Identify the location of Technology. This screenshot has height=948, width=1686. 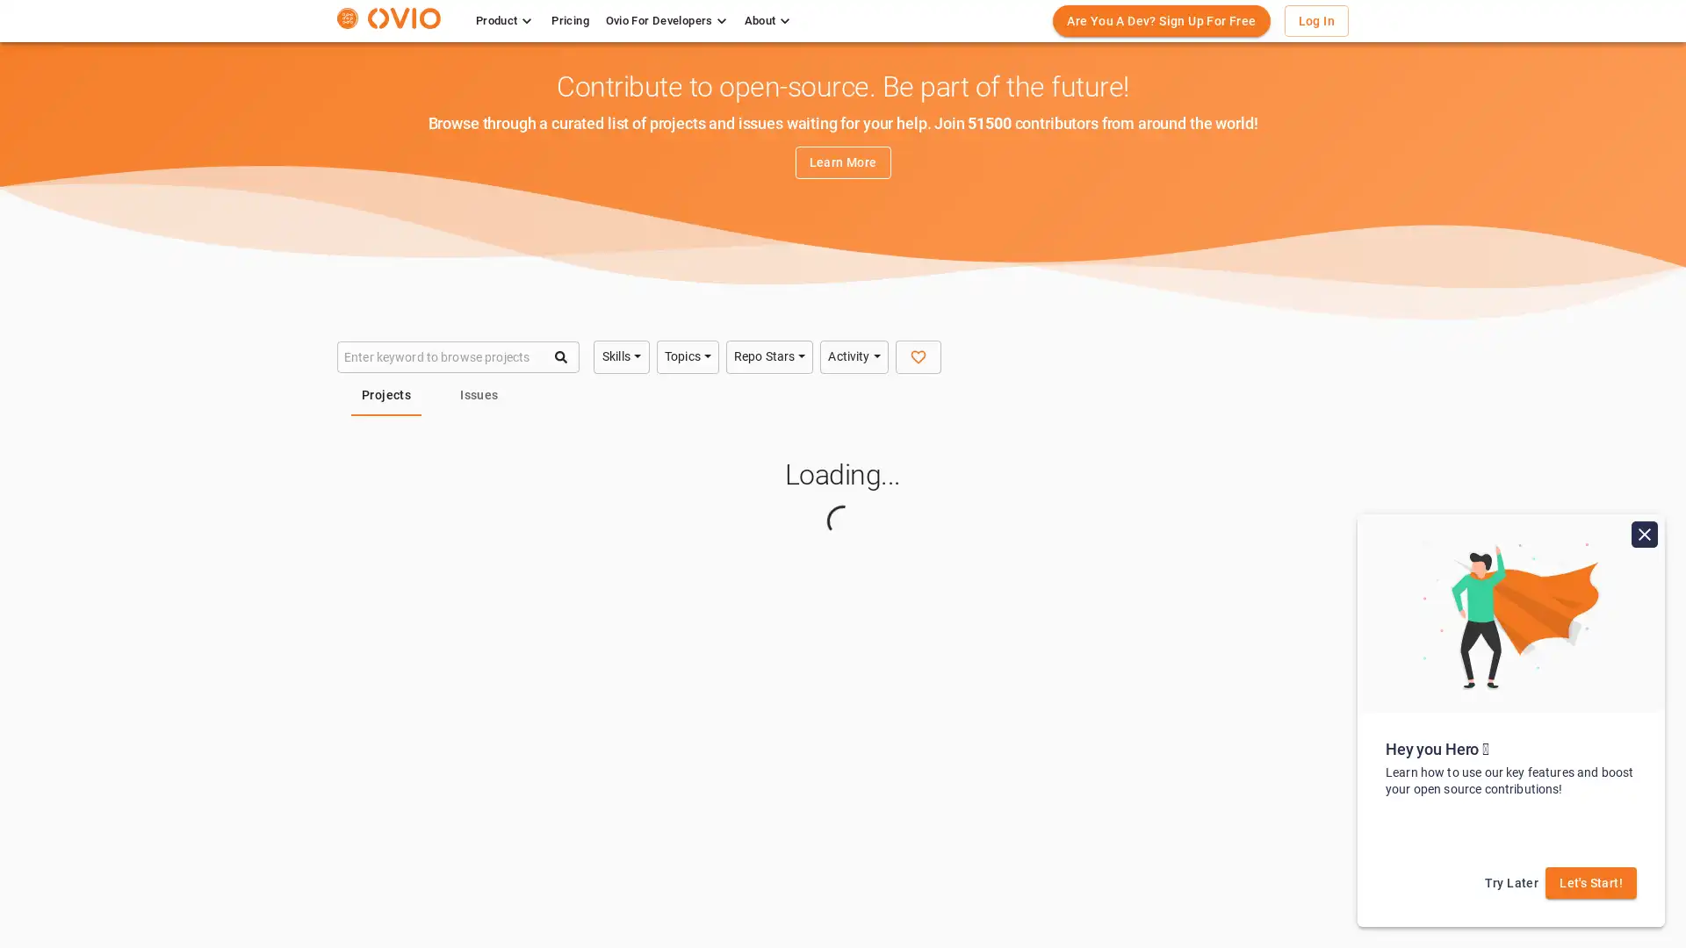
(556, 748).